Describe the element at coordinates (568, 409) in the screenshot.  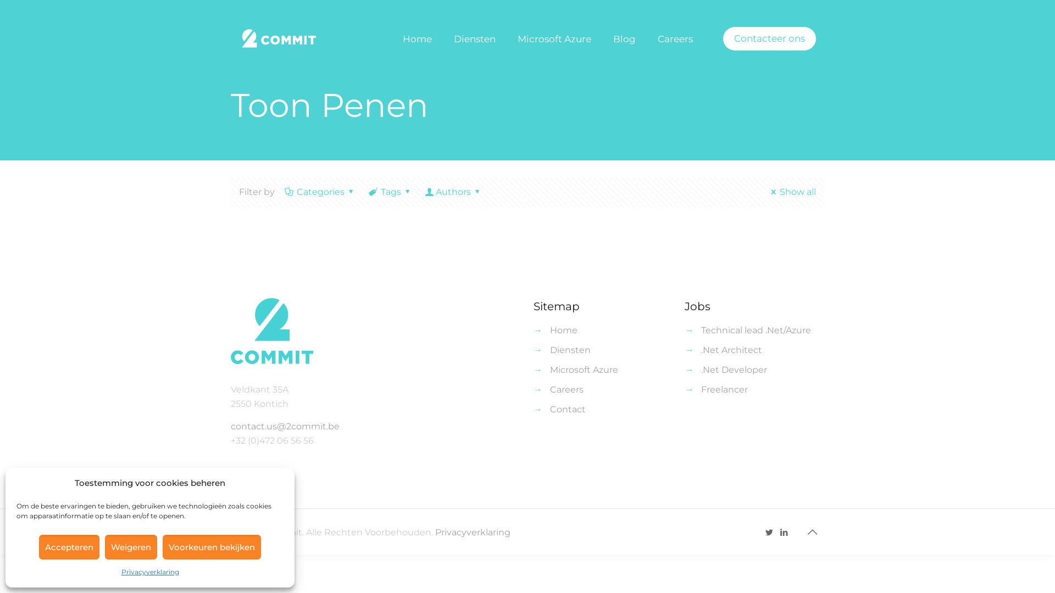
I see `'Contact'` at that location.